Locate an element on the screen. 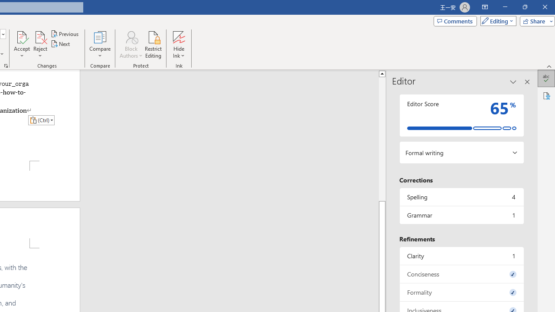  'Next' is located at coordinates (60, 44).